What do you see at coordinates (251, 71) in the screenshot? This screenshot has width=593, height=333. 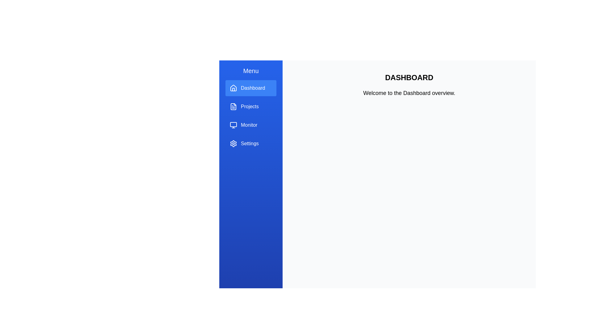 I see `the static text label at the top of the sidebar menu, which provides contextual information about the section's content` at bounding box center [251, 71].